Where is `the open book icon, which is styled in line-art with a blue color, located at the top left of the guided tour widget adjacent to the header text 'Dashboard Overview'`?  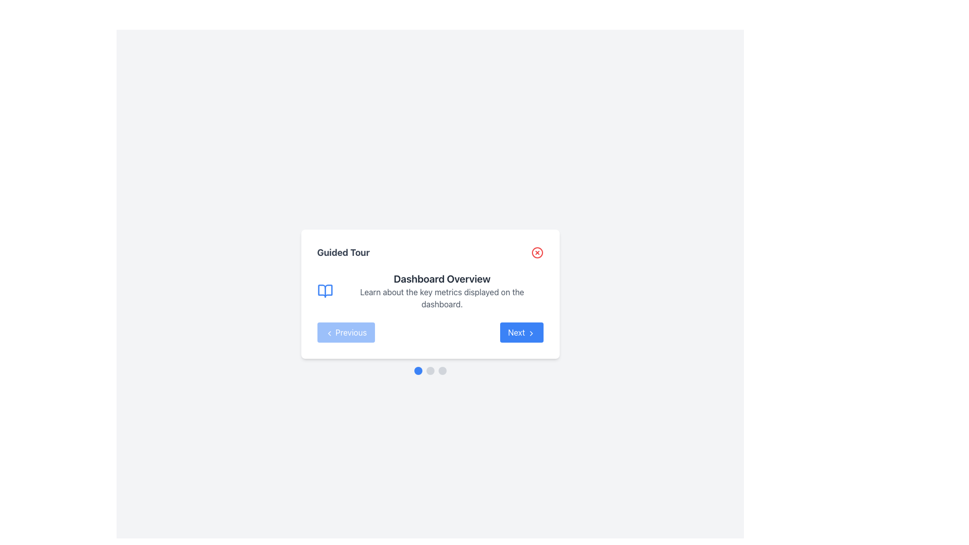 the open book icon, which is styled in line-art with a blue color, located at the top left of the guided tour widget adjacent to the header text 'Dashboard Overview' is located at coordinates (325, 291).